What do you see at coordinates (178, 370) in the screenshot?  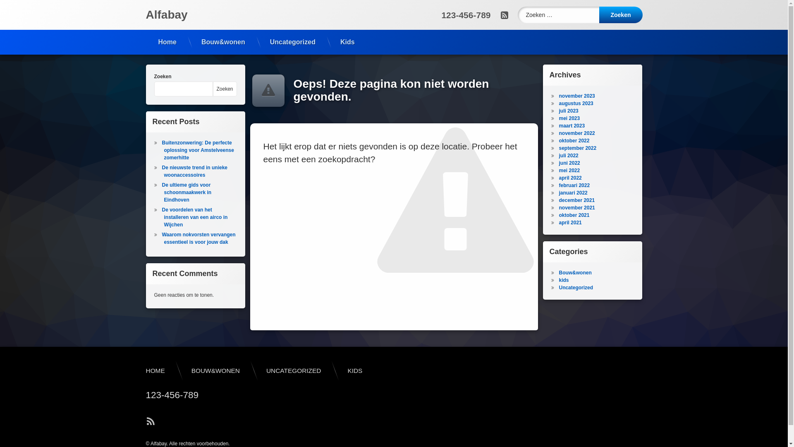 I see `'BOUW&WONEN'` at bounding box center [178, 370].